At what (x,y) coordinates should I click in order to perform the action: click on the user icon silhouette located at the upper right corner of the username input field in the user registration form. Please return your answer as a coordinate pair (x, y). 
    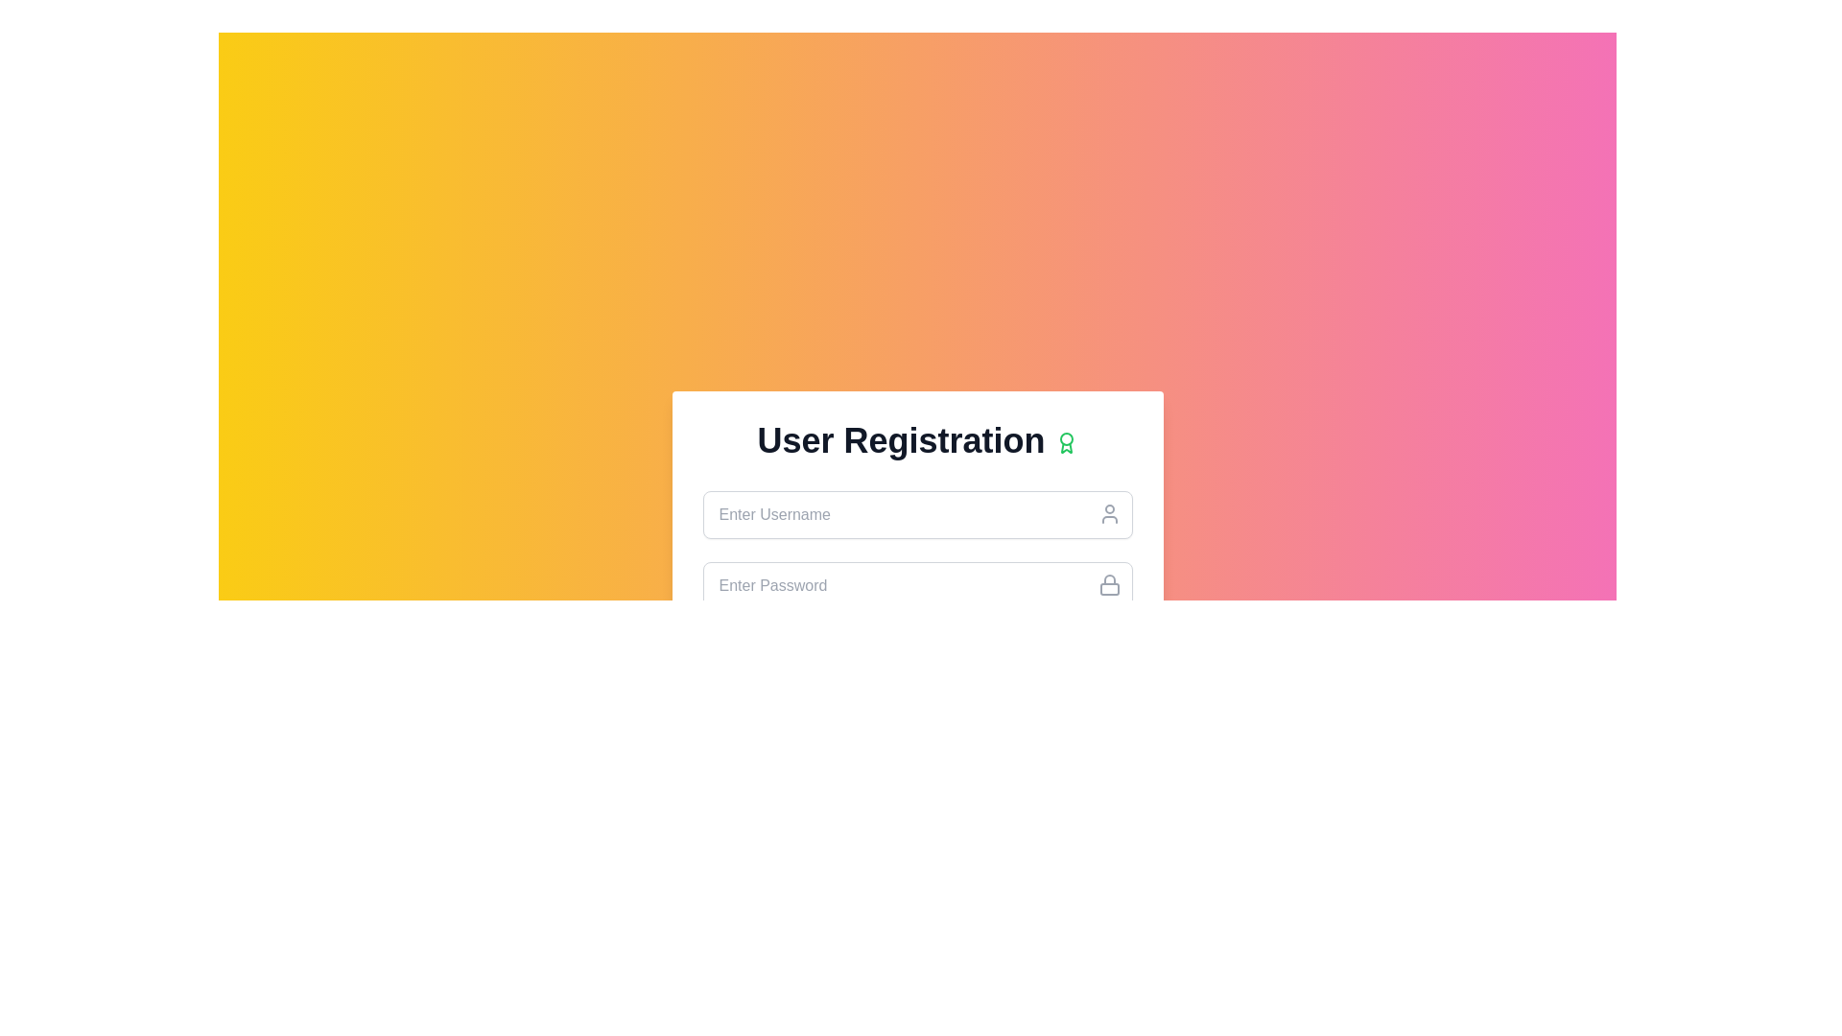
    Looking at the image, I should click on (1109, 513).